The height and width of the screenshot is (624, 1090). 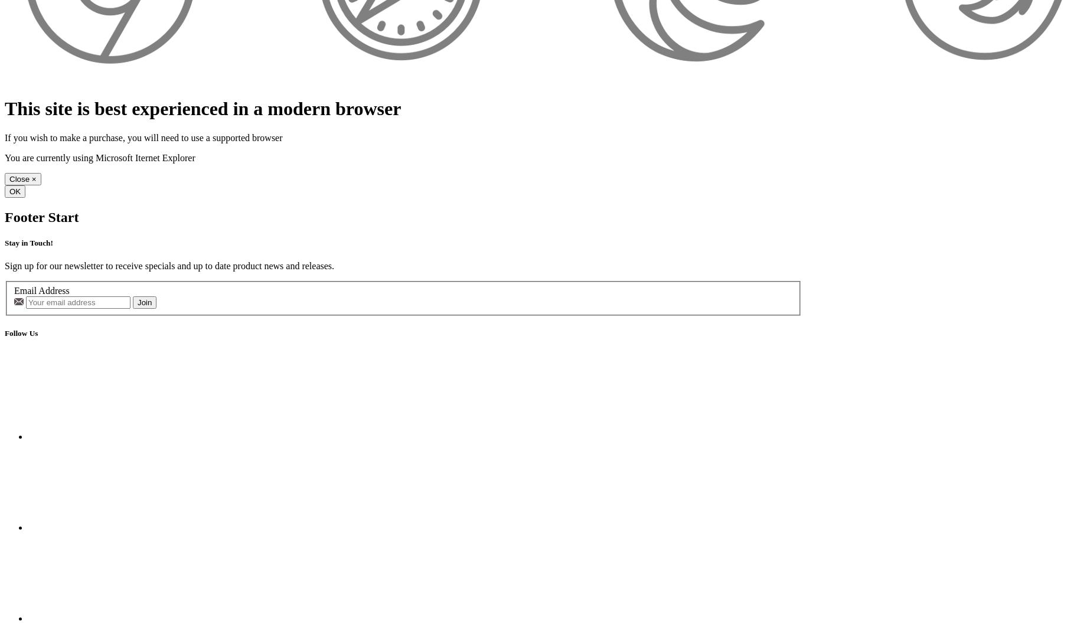 I want to click on 'Sign up for our newsletter to receive specials and up to date product news and releases.', so click(x=169, y=265).